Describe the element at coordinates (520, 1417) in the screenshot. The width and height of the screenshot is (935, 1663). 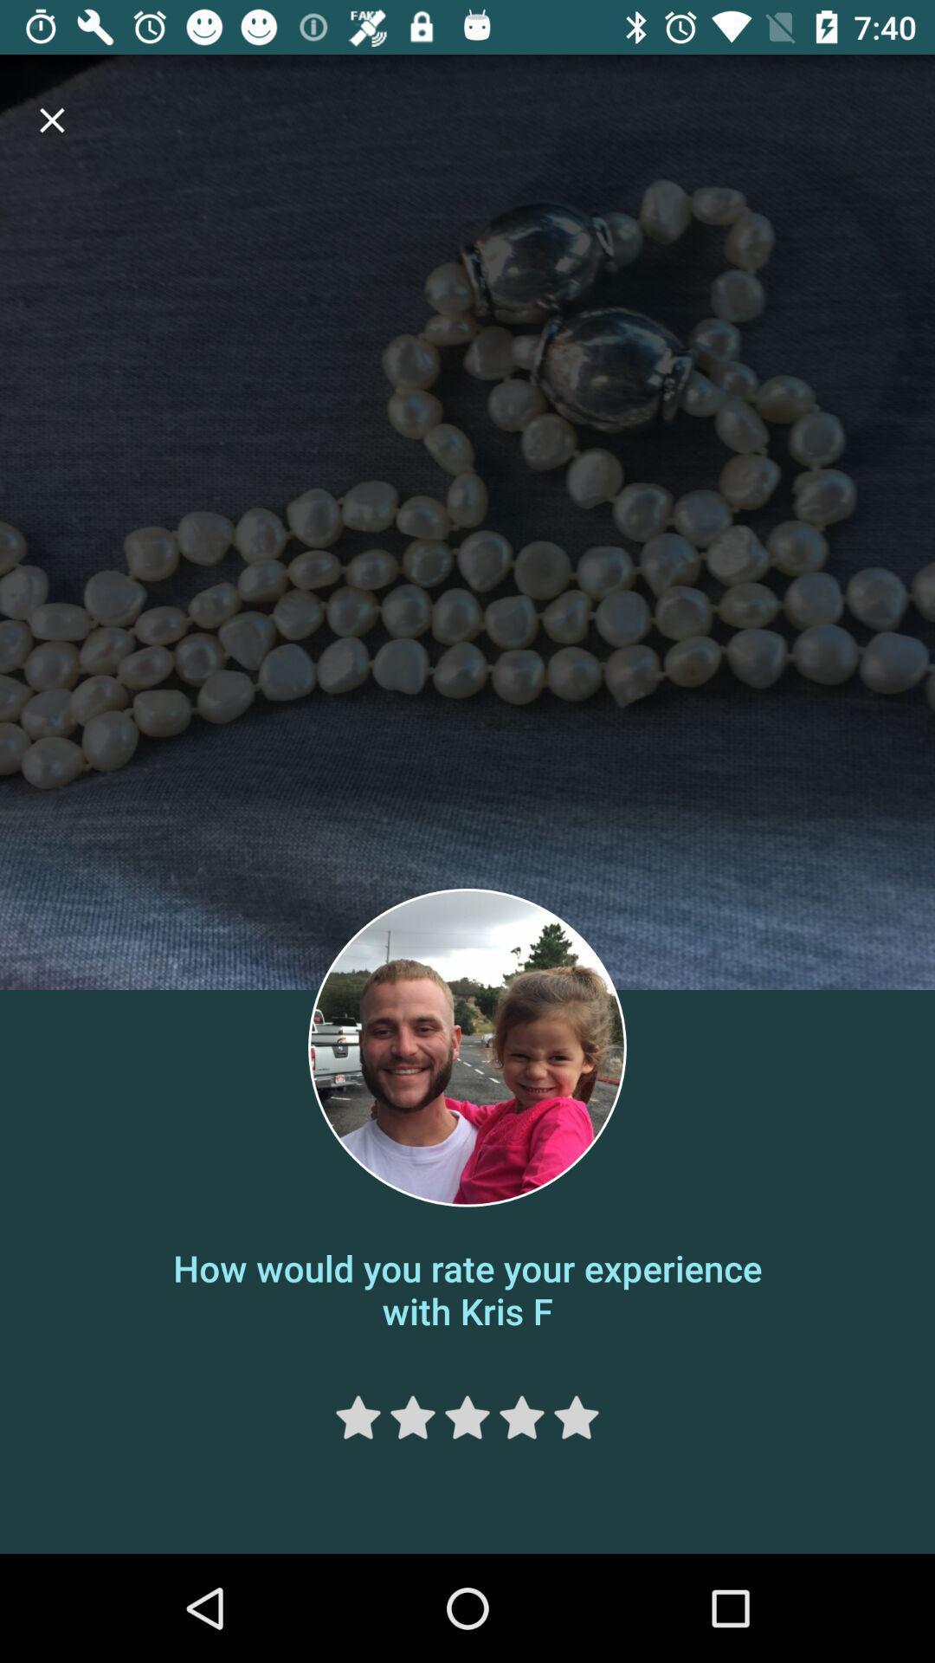
I see `rate 4 stars` at that location.